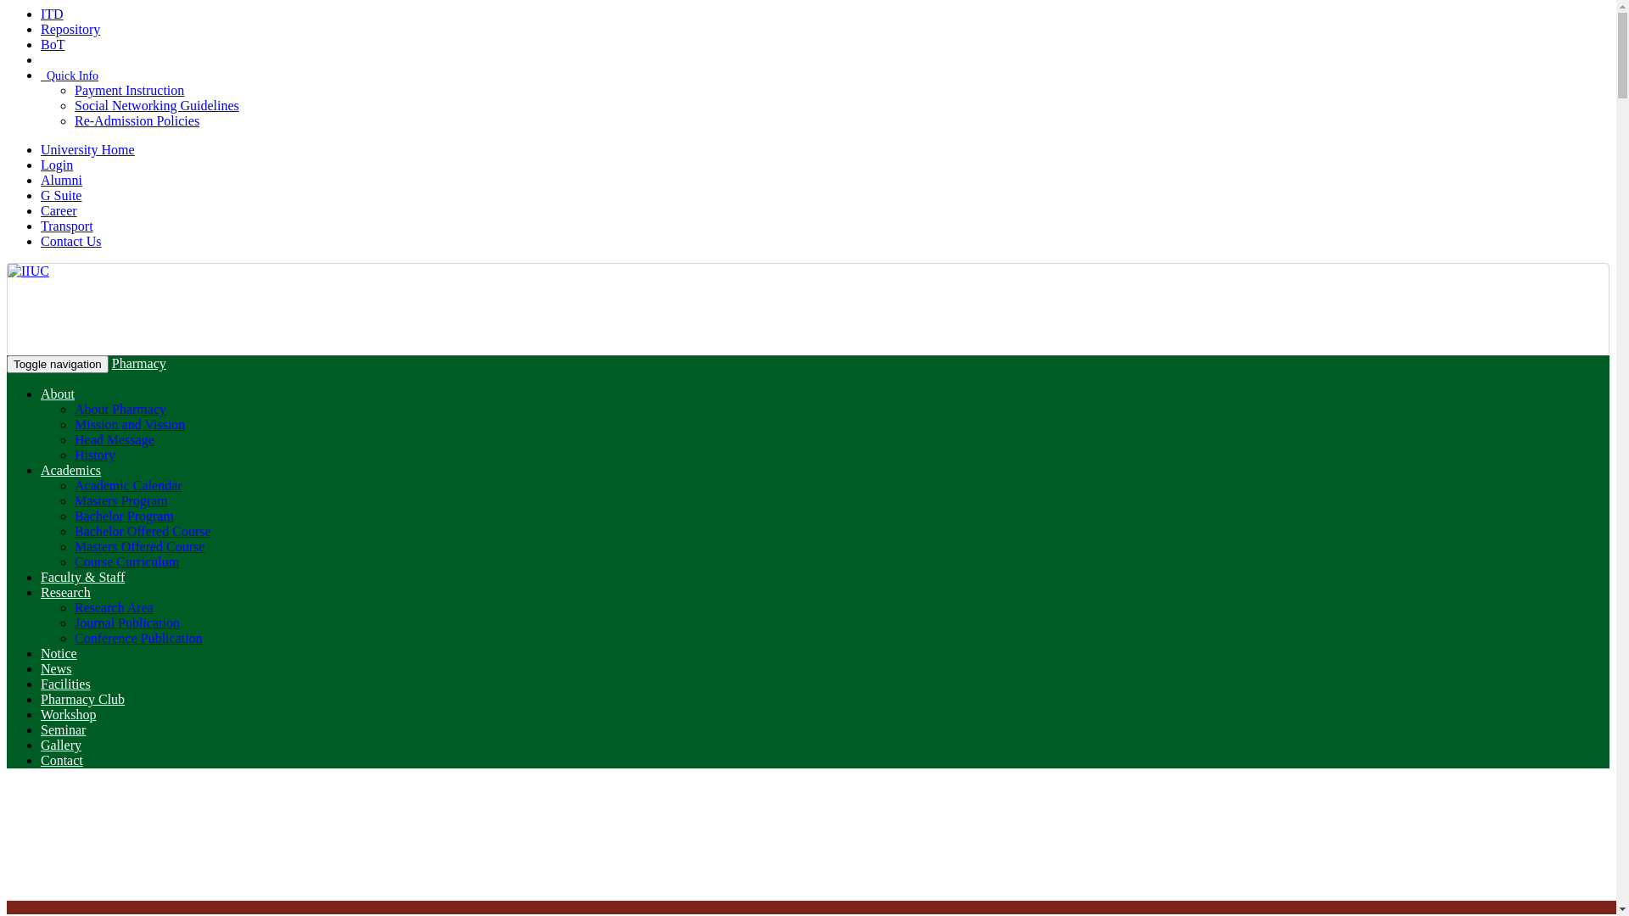  What do you see at coordinates (41, 59) in the screenshot?
I see `'Quick Contact'` at bounding box center [41, 59].